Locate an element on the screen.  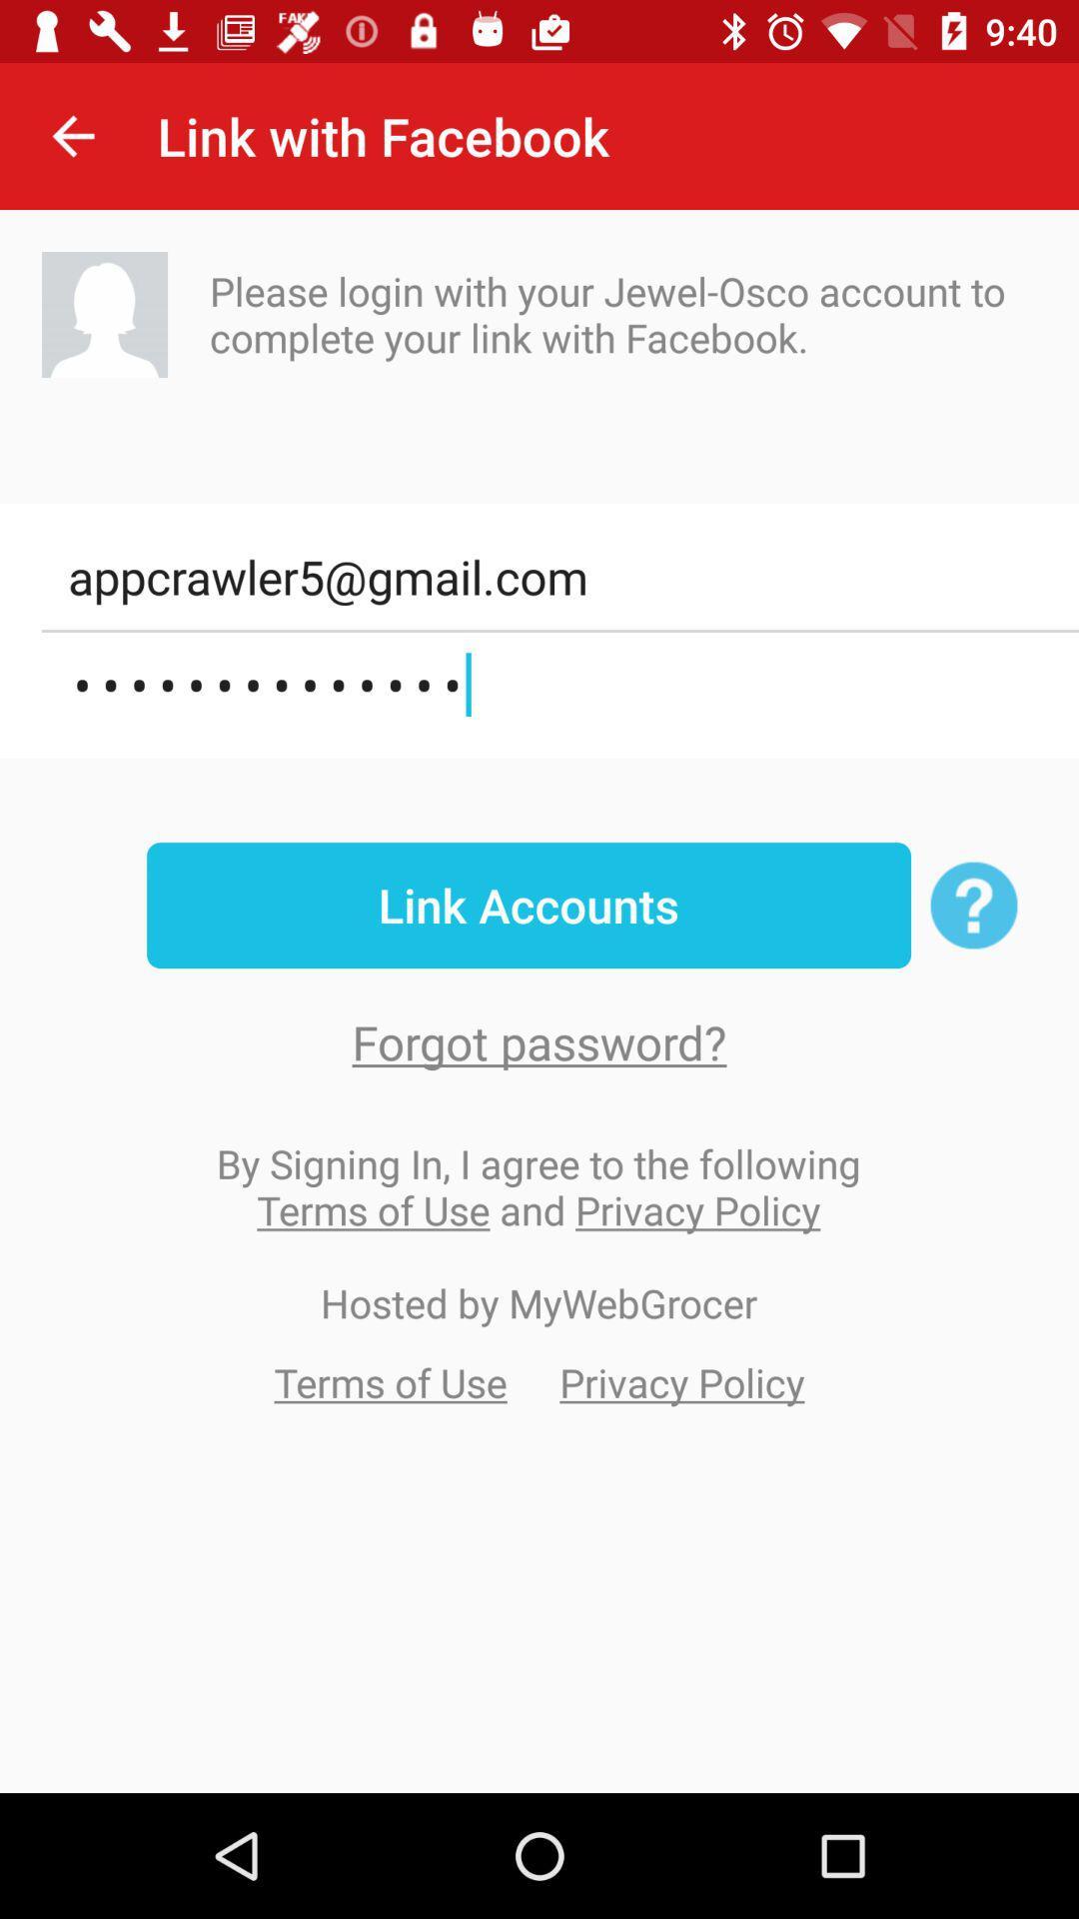
the help icon is located at coordinates (973, 905).